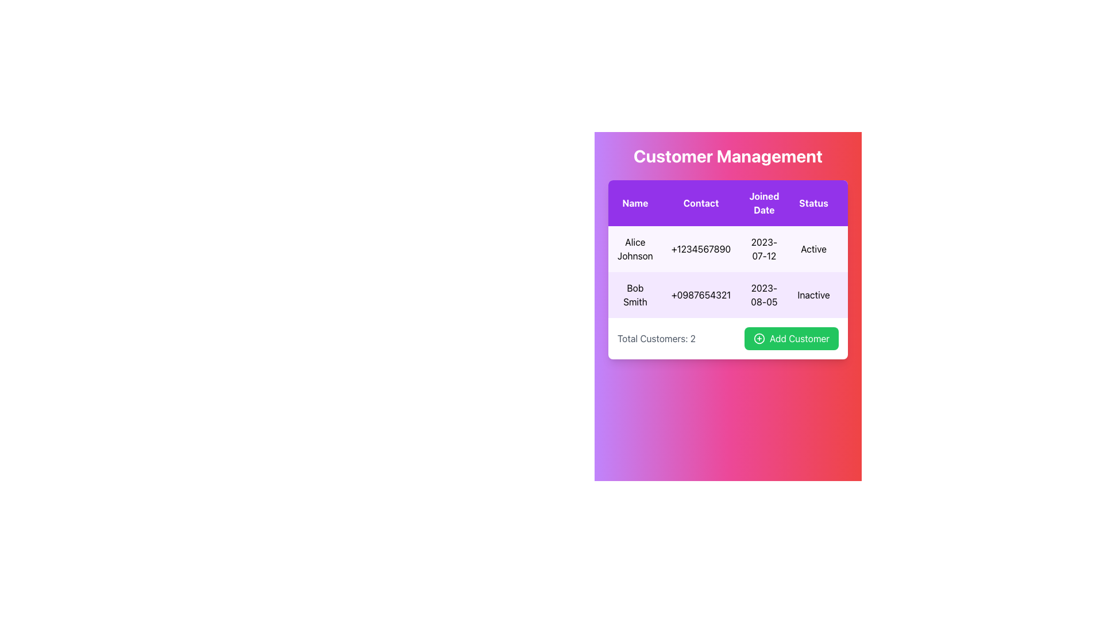 This screenshot has height=620, width=1103. I want to click on the 'Inactive' status text label for user 'Bob Smith', located at the bottom-right of the table row in the 'Status' column, so click(813, 294).